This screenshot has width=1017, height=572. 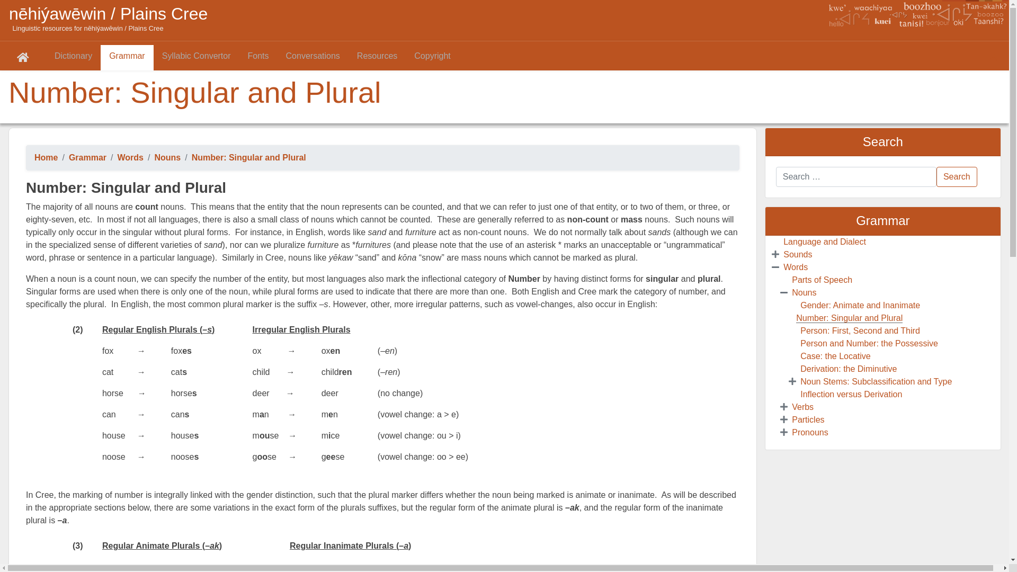 I want to click on 'Derivation: the Diminutive', so click(x=849, y=368).